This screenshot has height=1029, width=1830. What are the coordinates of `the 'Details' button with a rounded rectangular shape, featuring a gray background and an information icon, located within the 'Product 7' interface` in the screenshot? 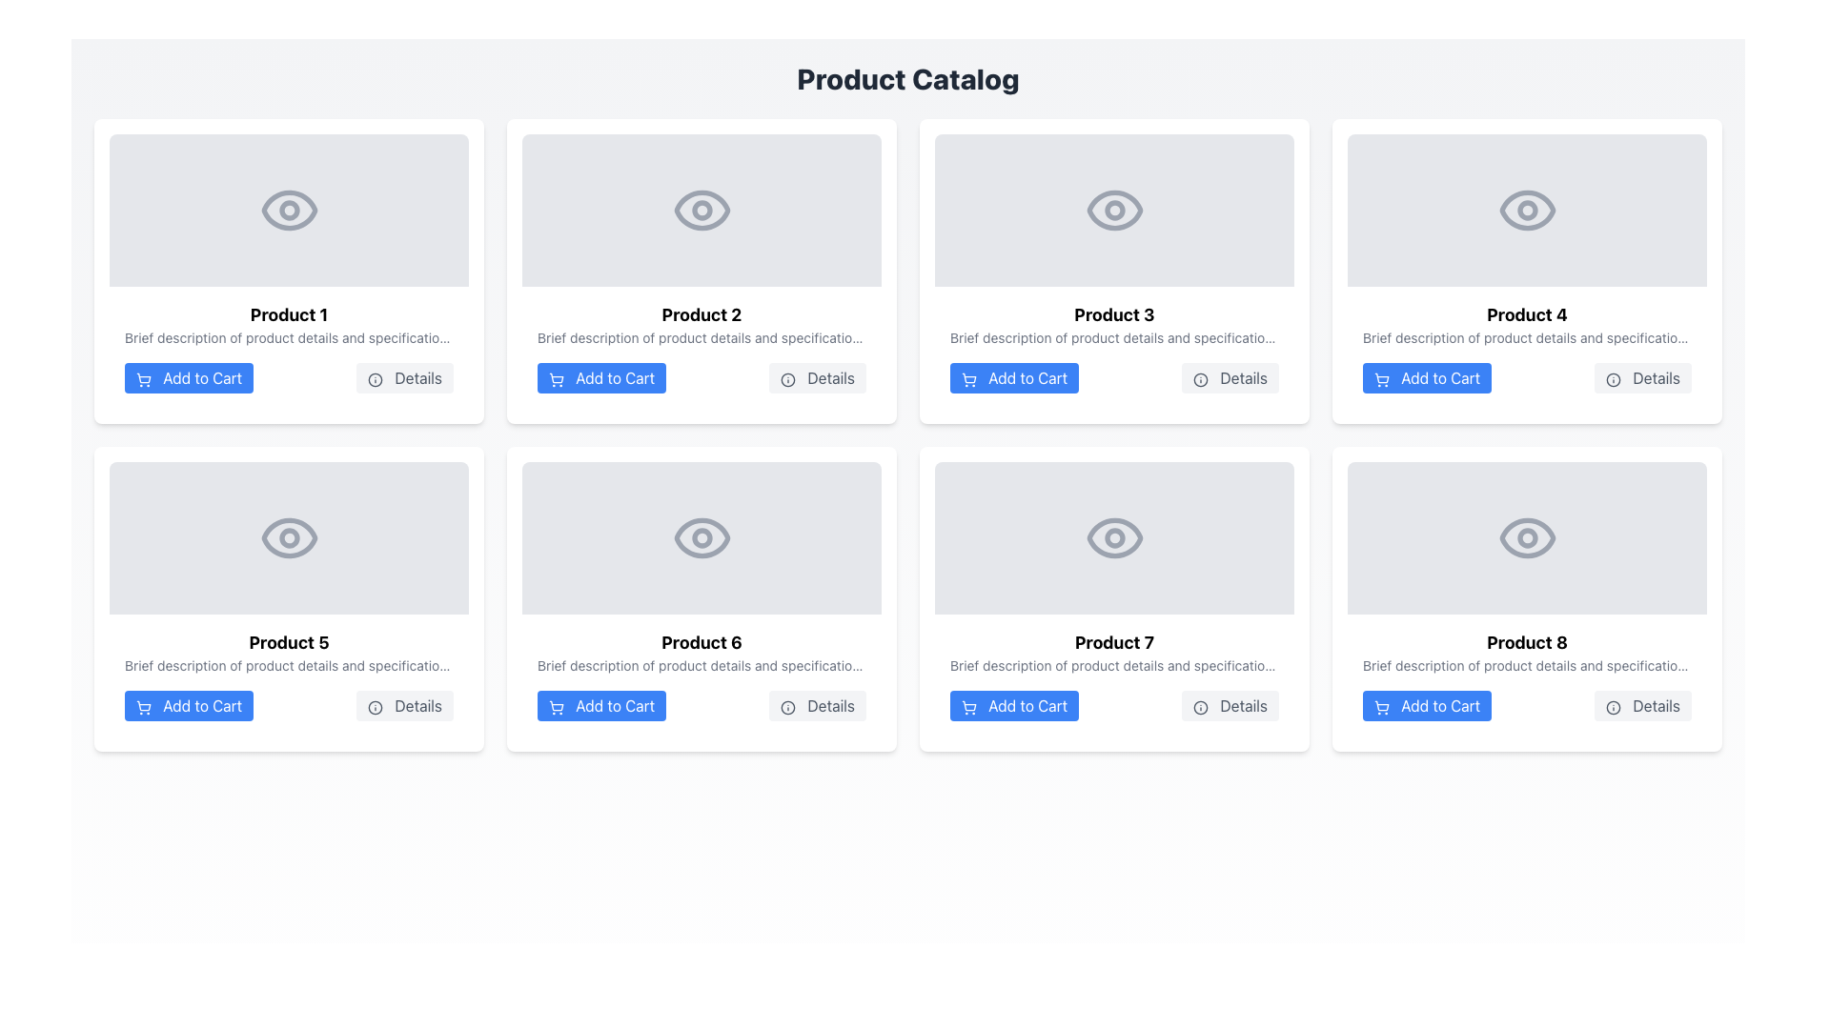 It's located at (1230, 705).